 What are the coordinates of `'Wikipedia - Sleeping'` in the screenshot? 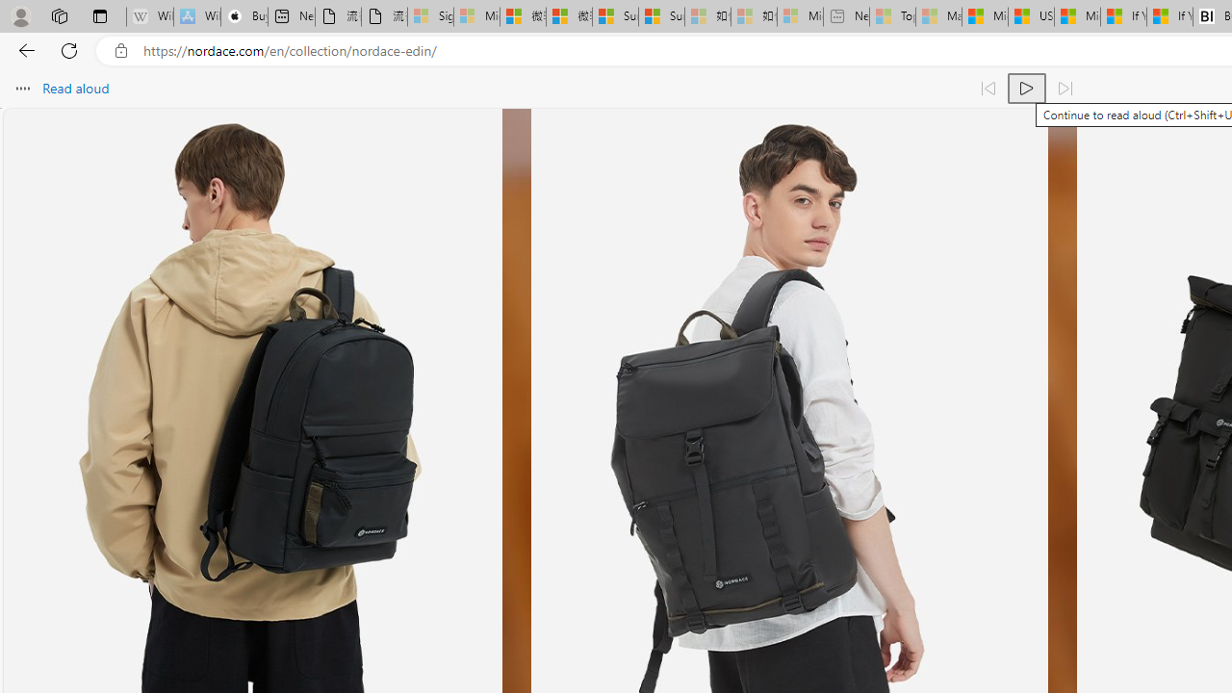 It's located at (149, 16).